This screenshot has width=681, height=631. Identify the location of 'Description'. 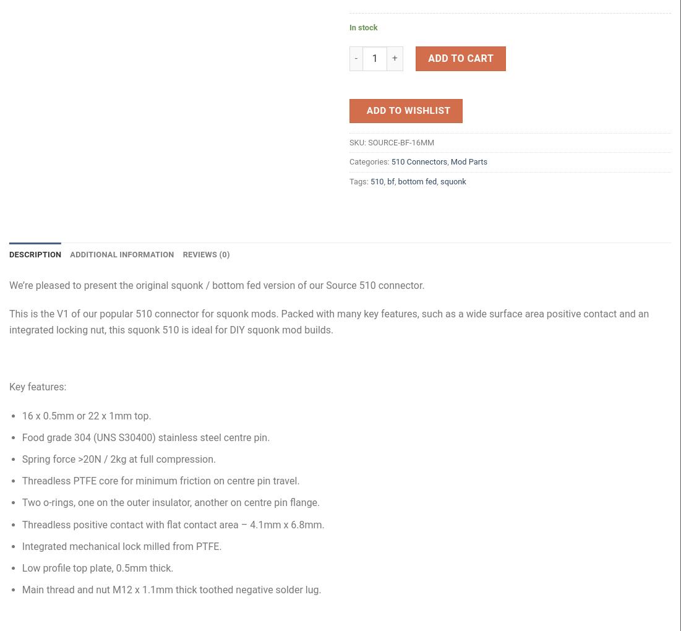
(35, 254).